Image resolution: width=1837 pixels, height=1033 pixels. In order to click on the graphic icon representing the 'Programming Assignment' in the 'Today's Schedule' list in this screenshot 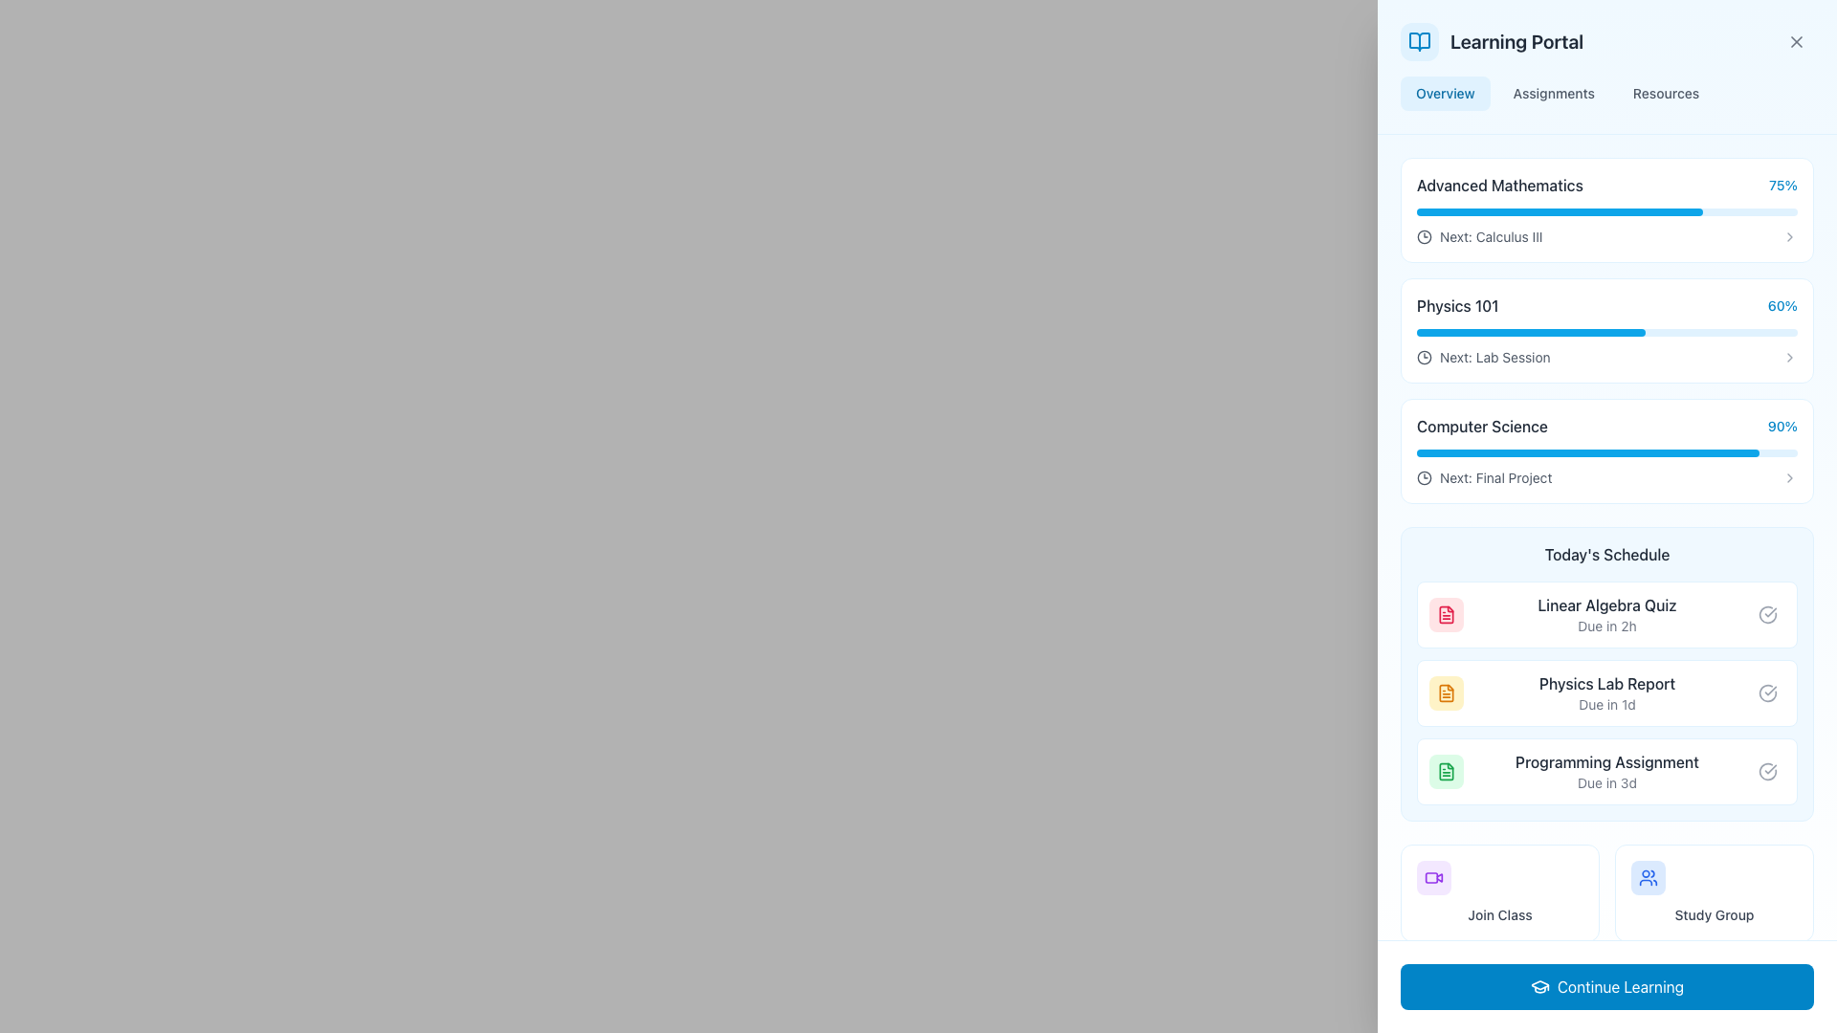, I will do `click(1447, 770)`.